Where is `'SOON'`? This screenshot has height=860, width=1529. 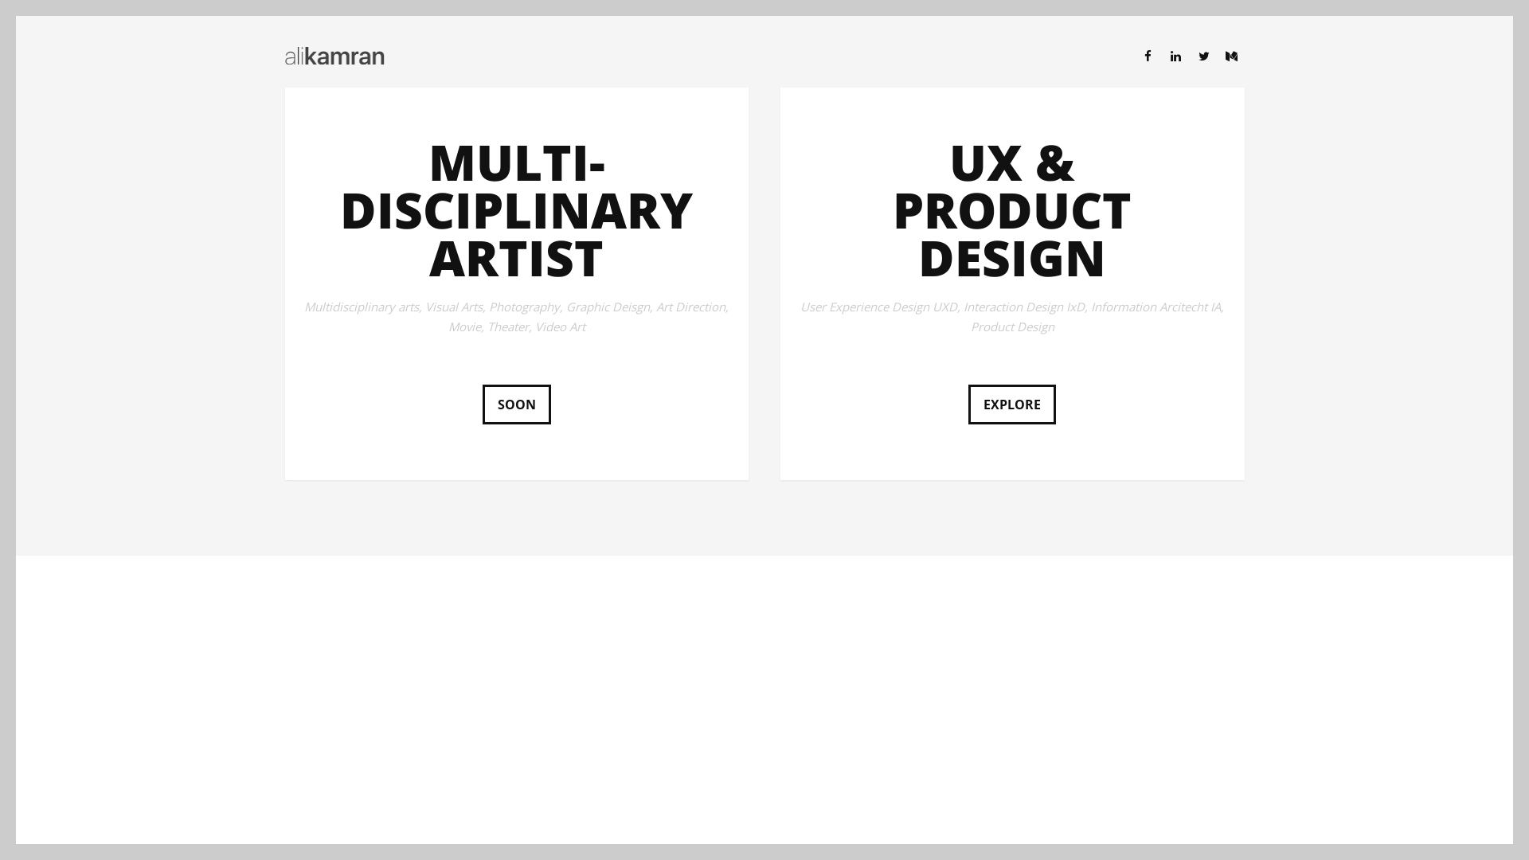 'SOON' is located at coordinates (516, 404).